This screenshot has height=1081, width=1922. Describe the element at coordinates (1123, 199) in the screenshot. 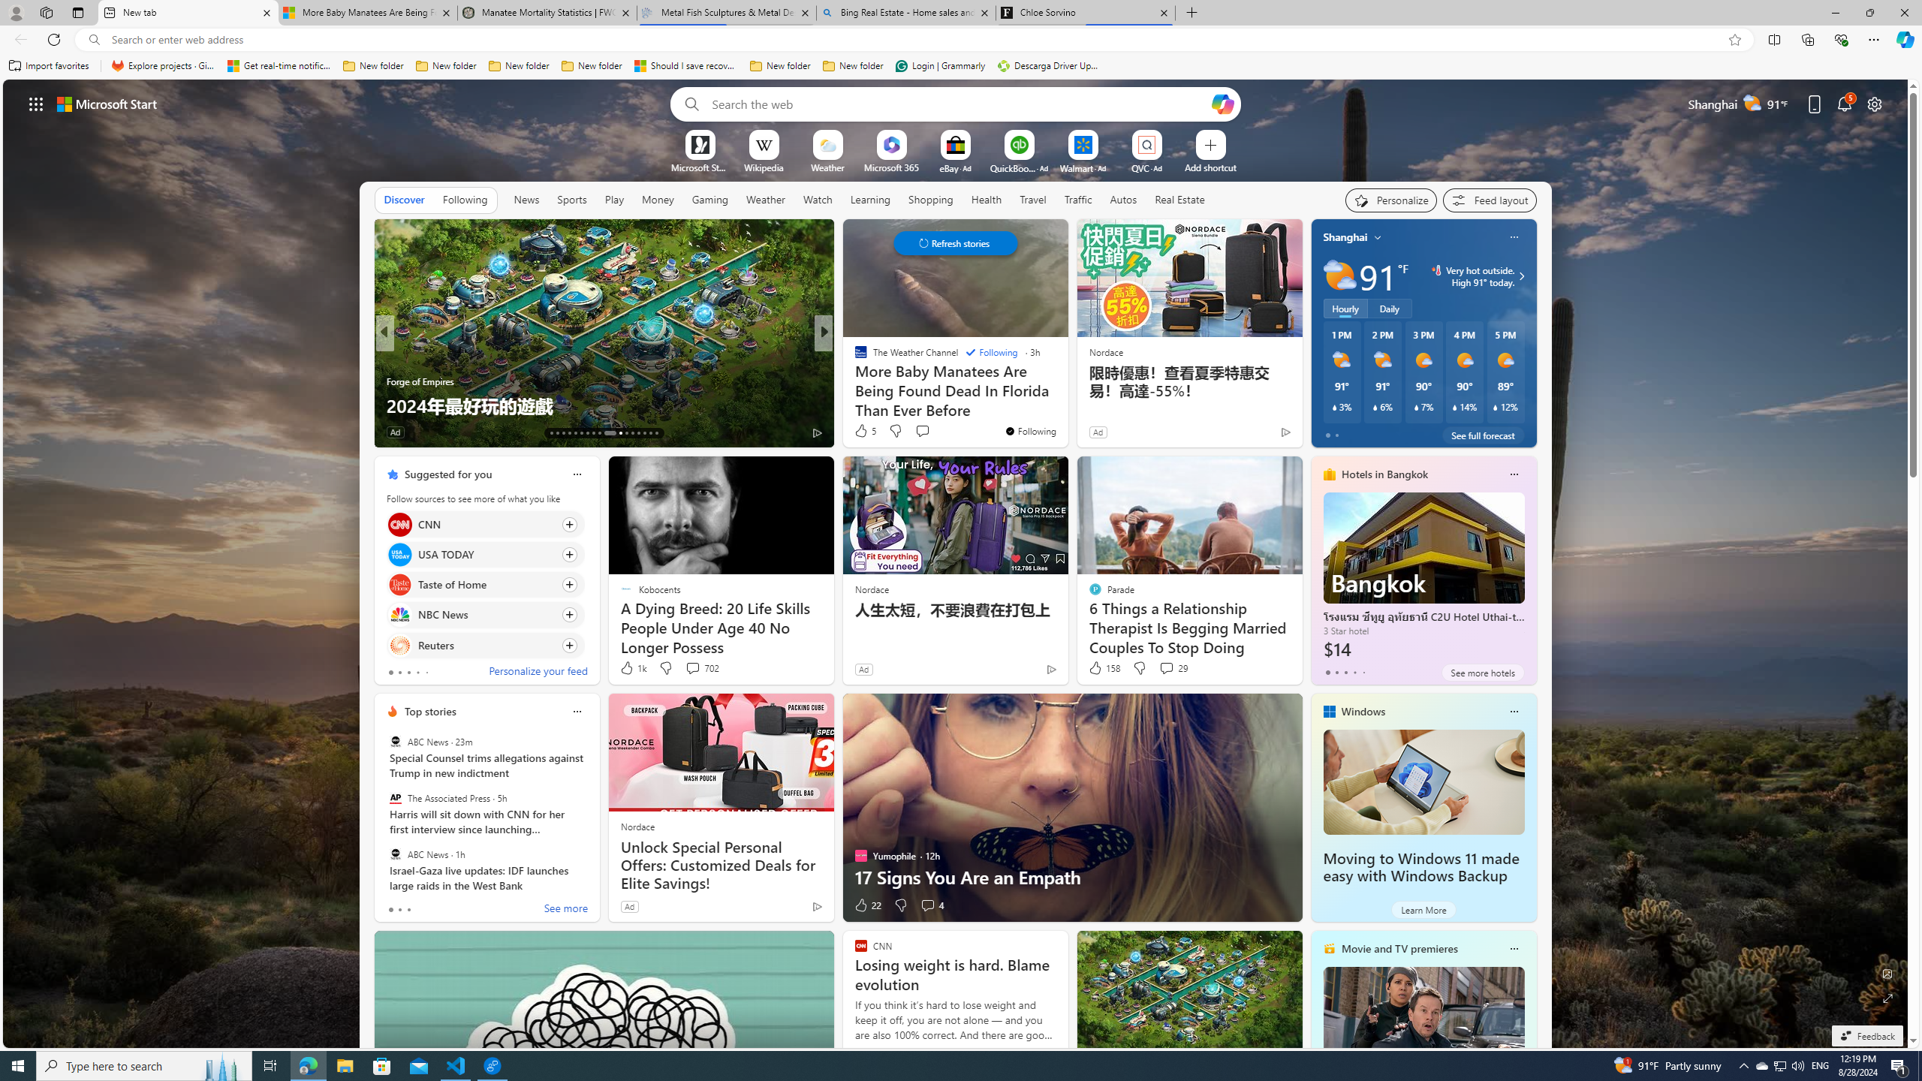

I see `'Autos'` at that location.